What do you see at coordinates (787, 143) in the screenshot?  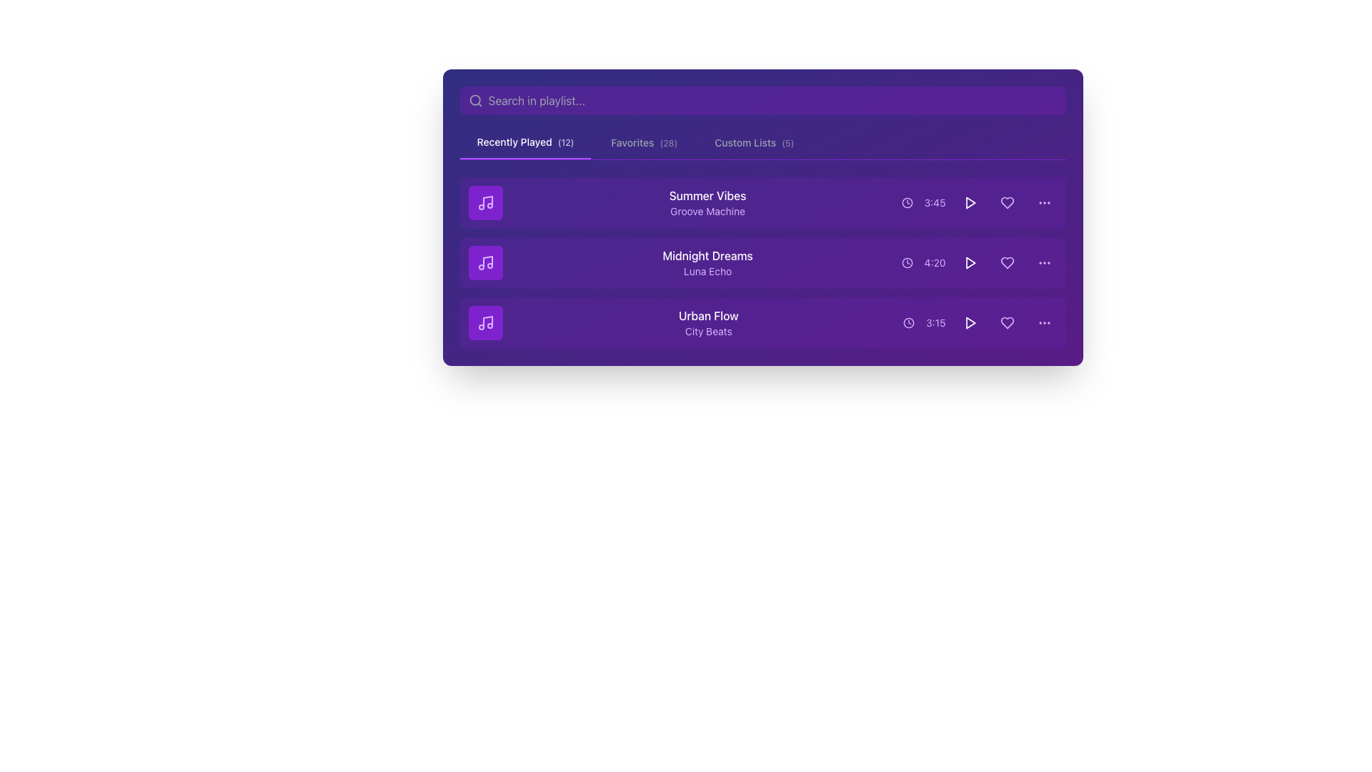 I see `the Text label that provides additional context for the 'Custom Lists' tab, located to the right of the 'Custom Lists' label in the navigation bar` at bounding box center [787, 143].